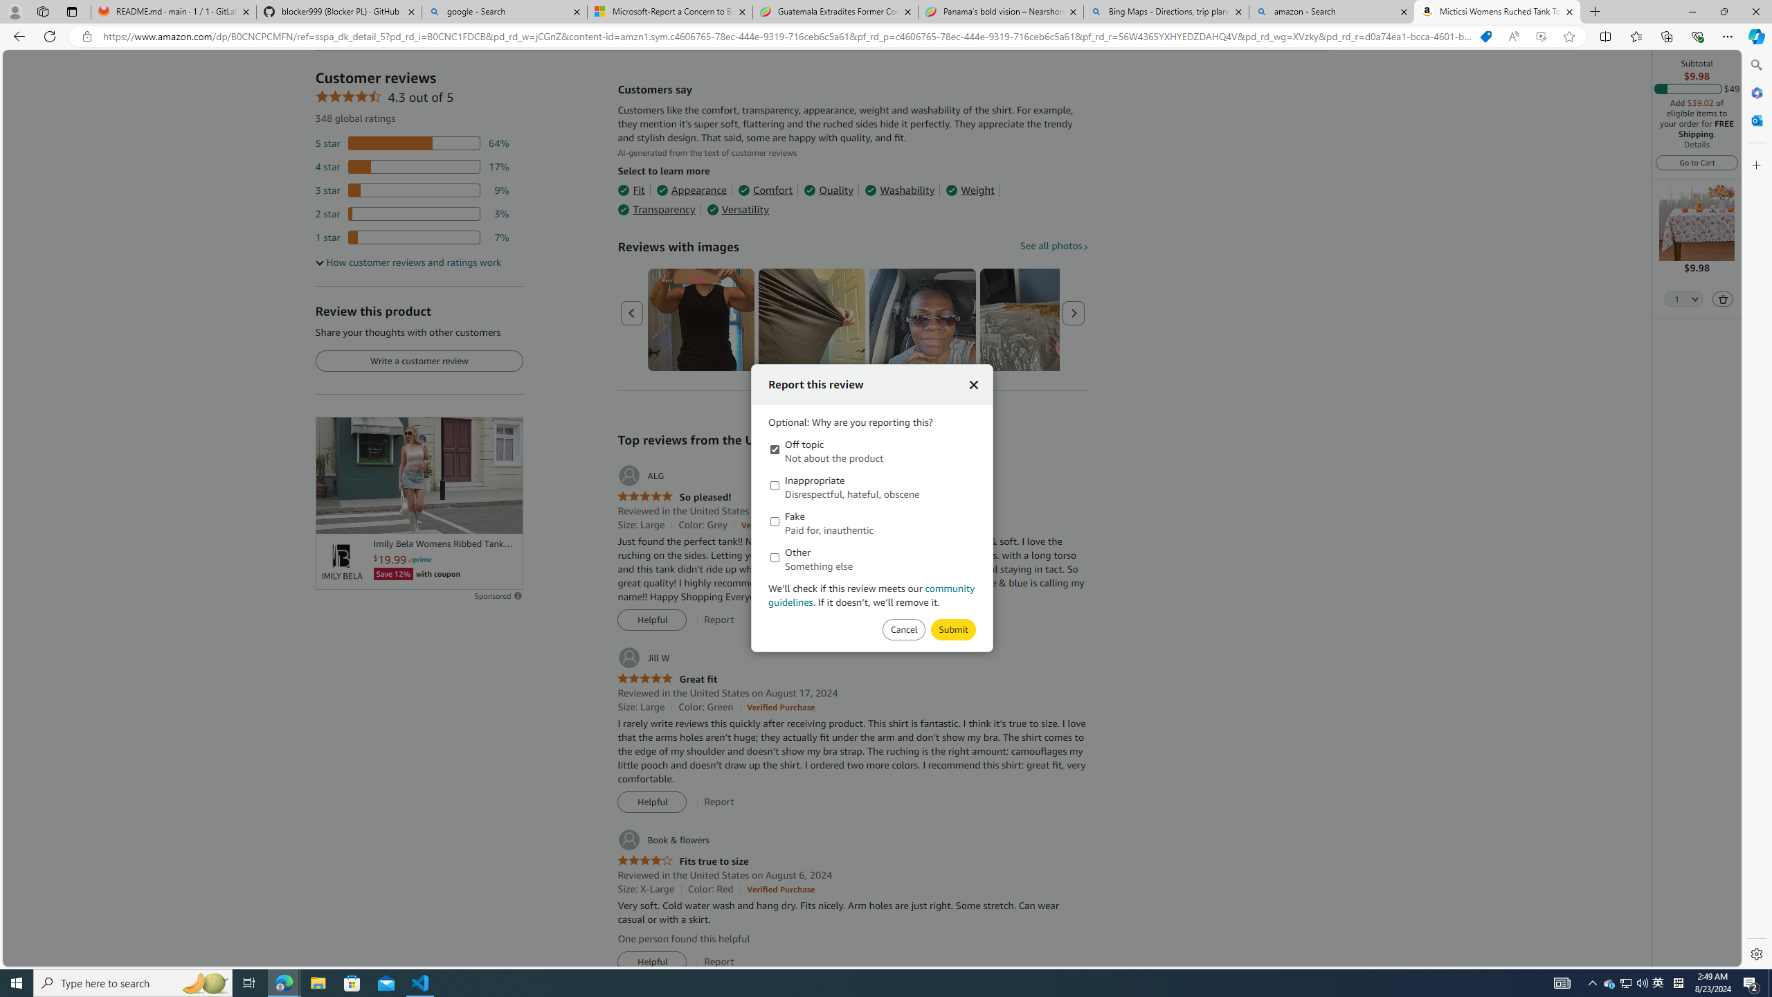 This screenshot has width=1772, height=997. I want to click on 'Transparency', so click(656, 209).